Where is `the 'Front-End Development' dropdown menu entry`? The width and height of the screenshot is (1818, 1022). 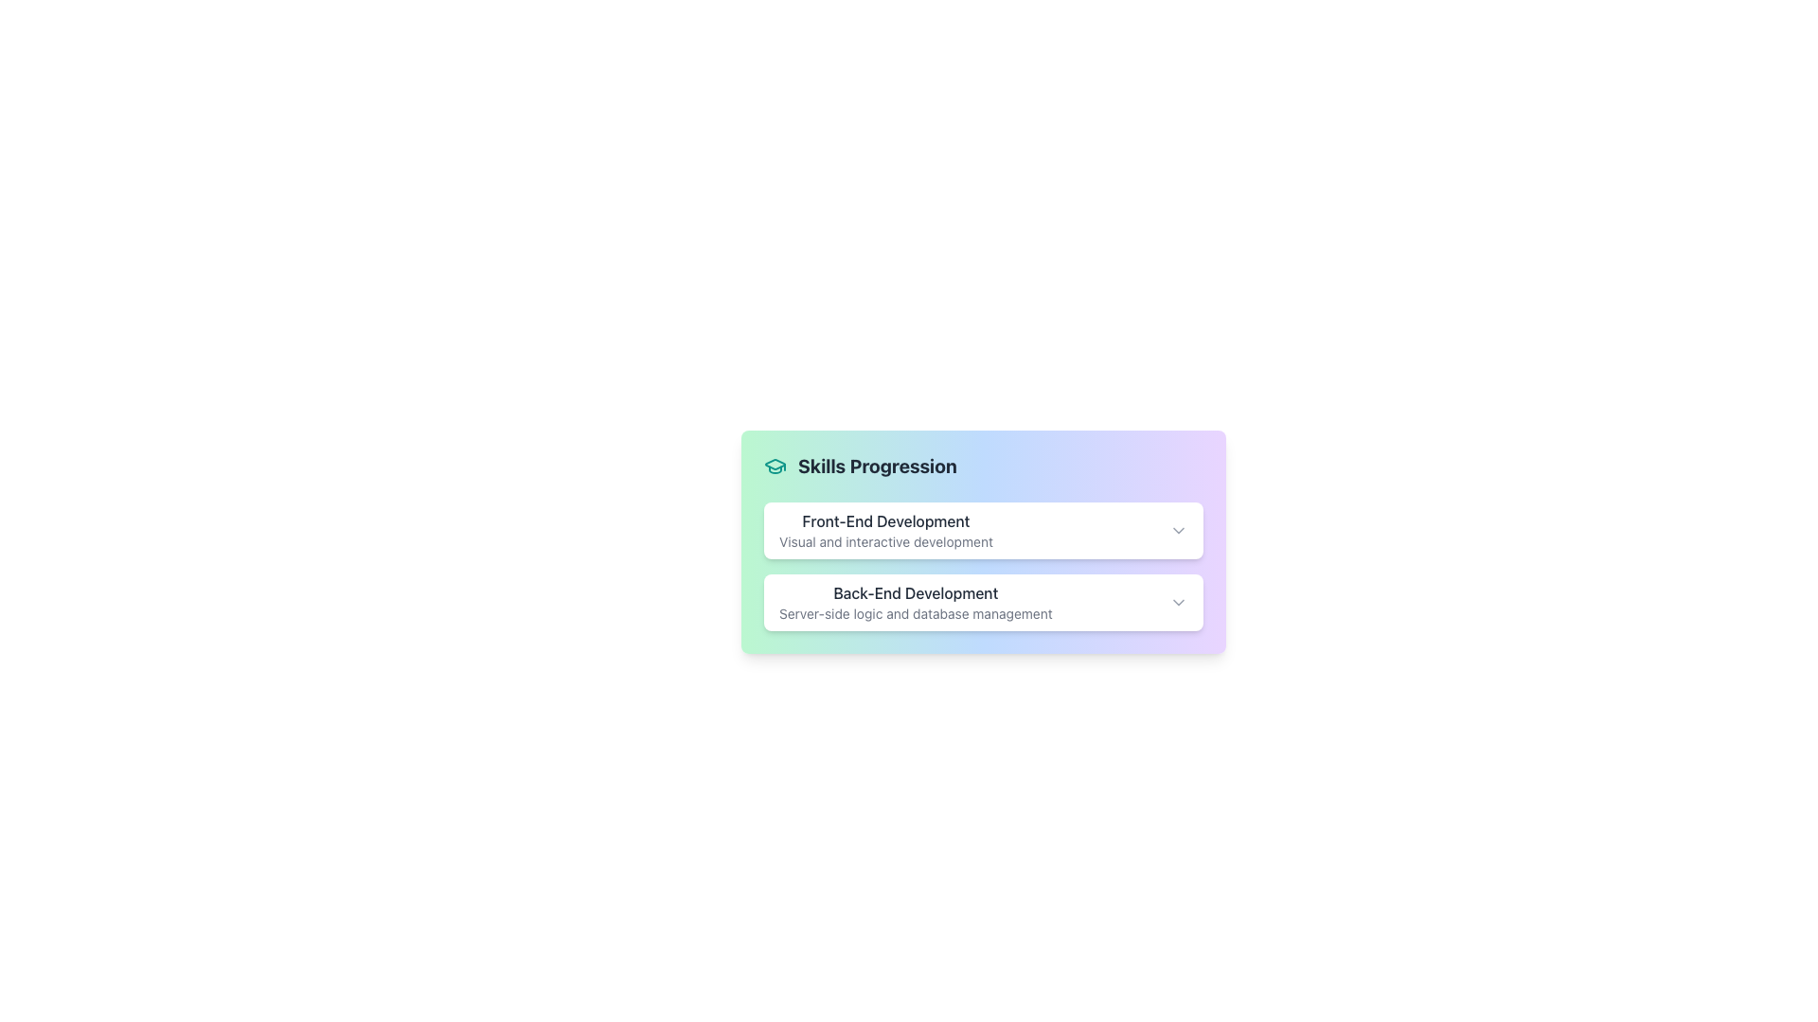 the 'Front-End Development' dropdown menu entry is located at coordinates (983, 530).